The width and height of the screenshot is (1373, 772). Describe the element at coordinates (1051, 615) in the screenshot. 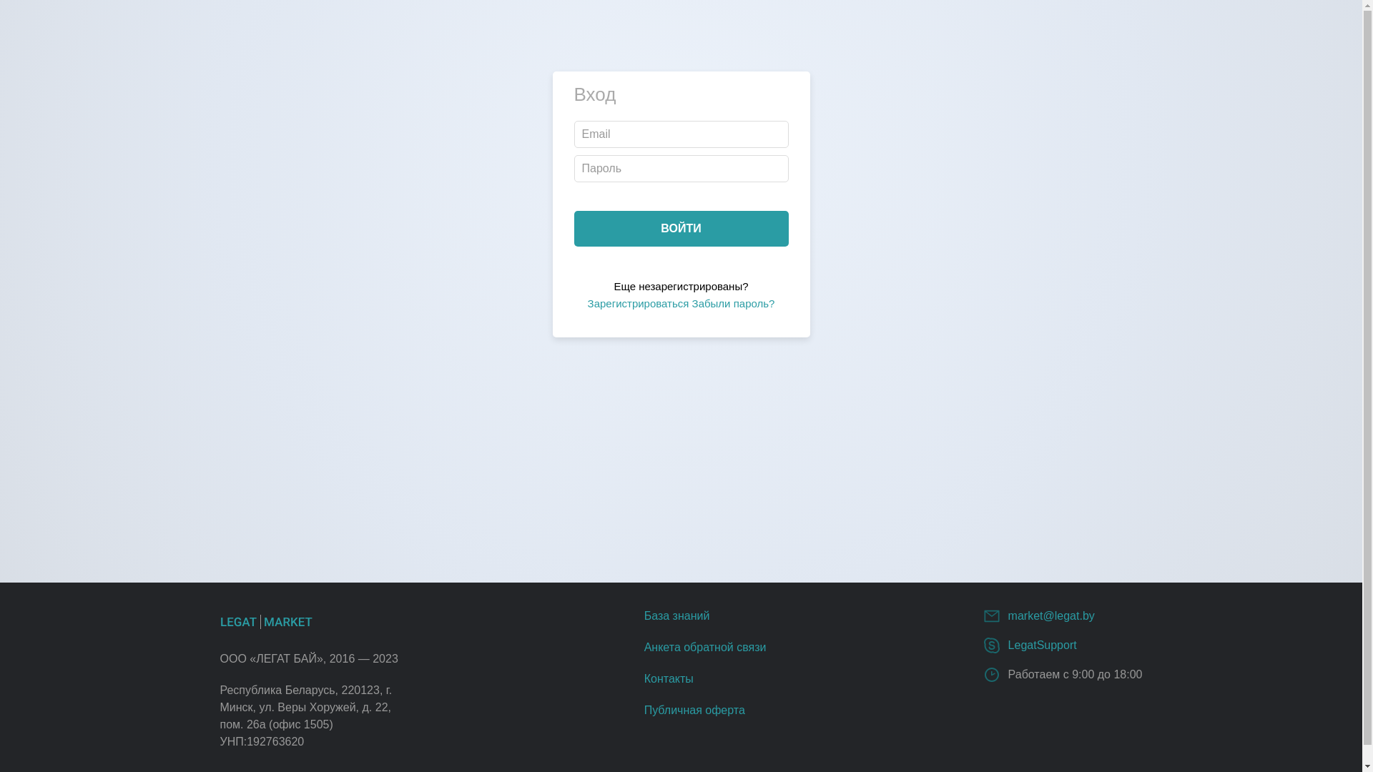

I see `'market@legat.by'` at that location.